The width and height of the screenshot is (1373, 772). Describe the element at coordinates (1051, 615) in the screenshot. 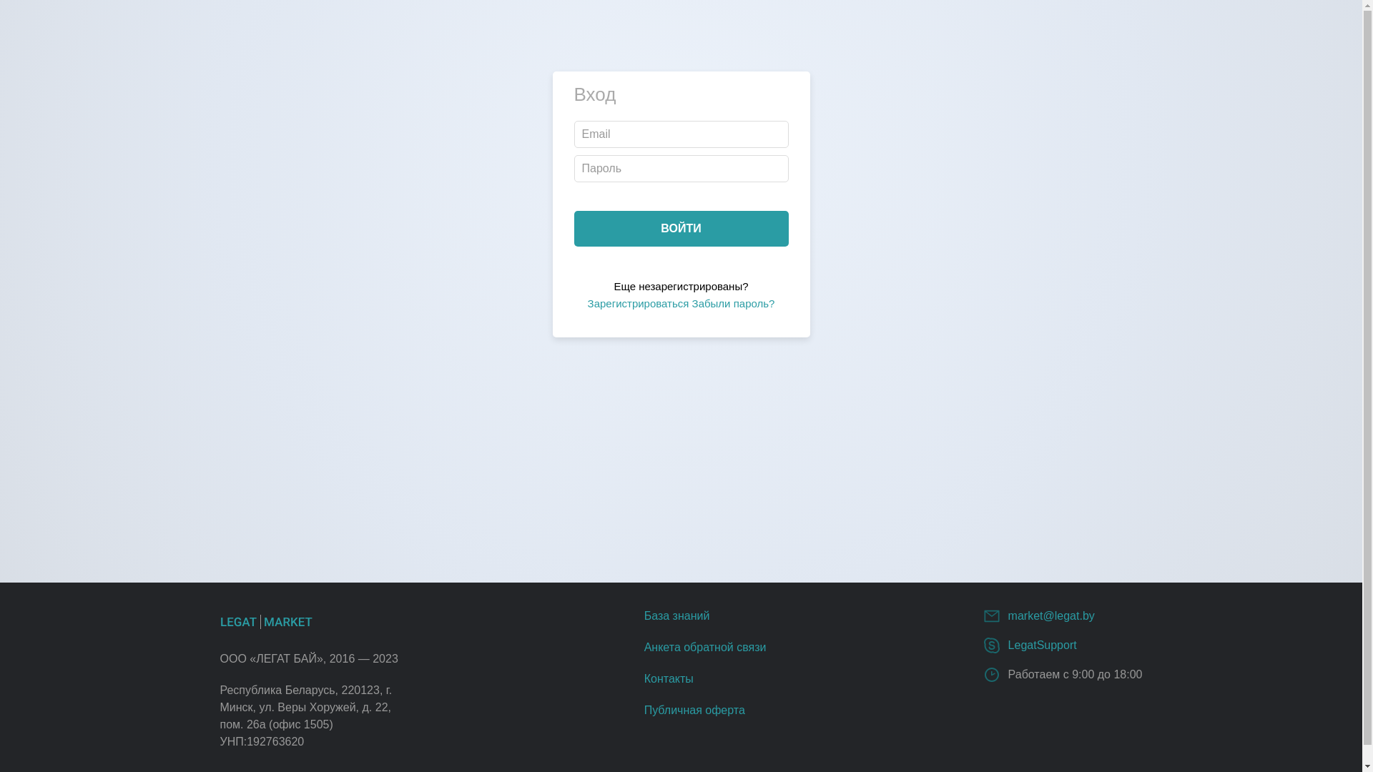

I see `'market@legat.by'` at that location.